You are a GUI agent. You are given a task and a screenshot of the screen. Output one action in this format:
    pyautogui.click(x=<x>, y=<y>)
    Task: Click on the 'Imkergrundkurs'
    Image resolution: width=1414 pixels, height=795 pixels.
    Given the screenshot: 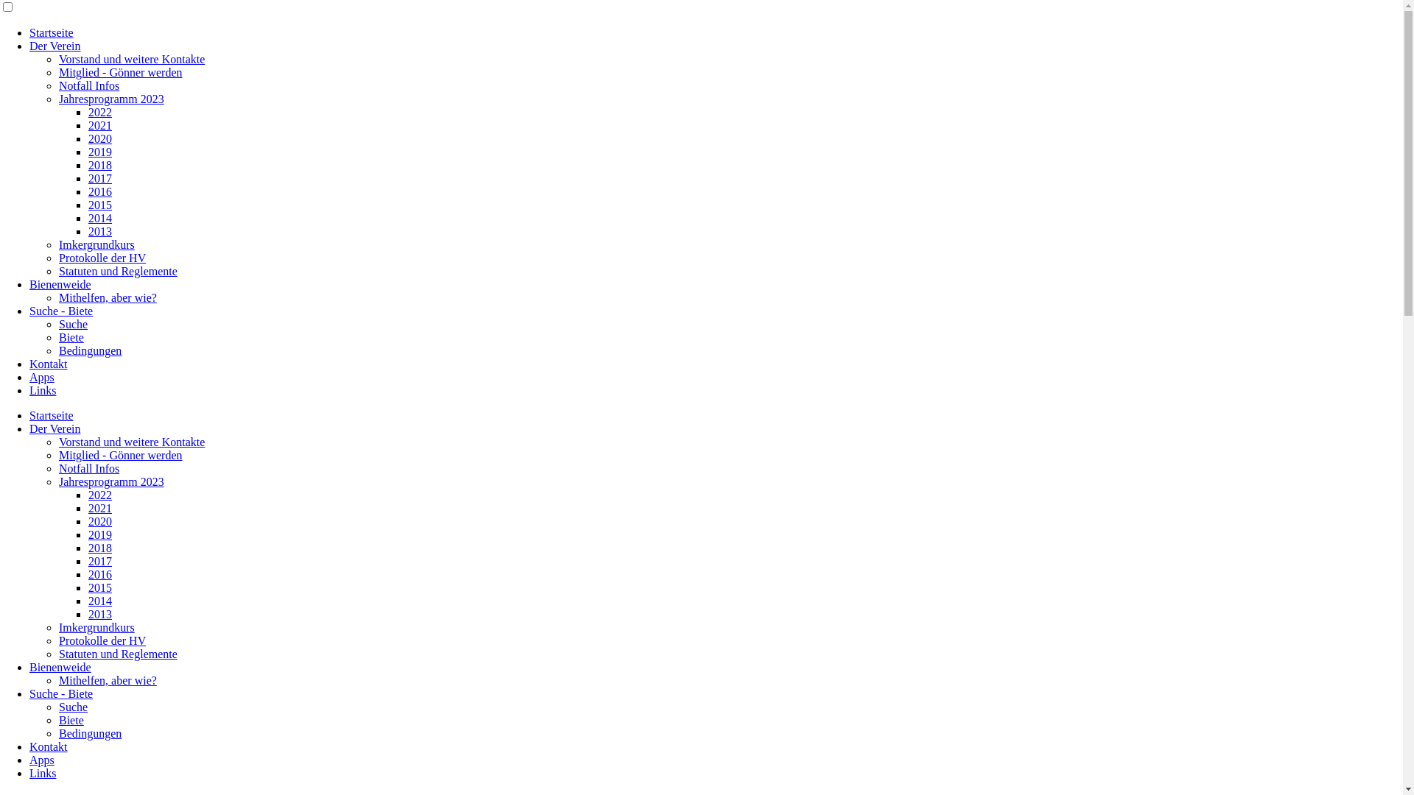 What is the action you would take?
    pyautogui.click(x=96, y=244)
    